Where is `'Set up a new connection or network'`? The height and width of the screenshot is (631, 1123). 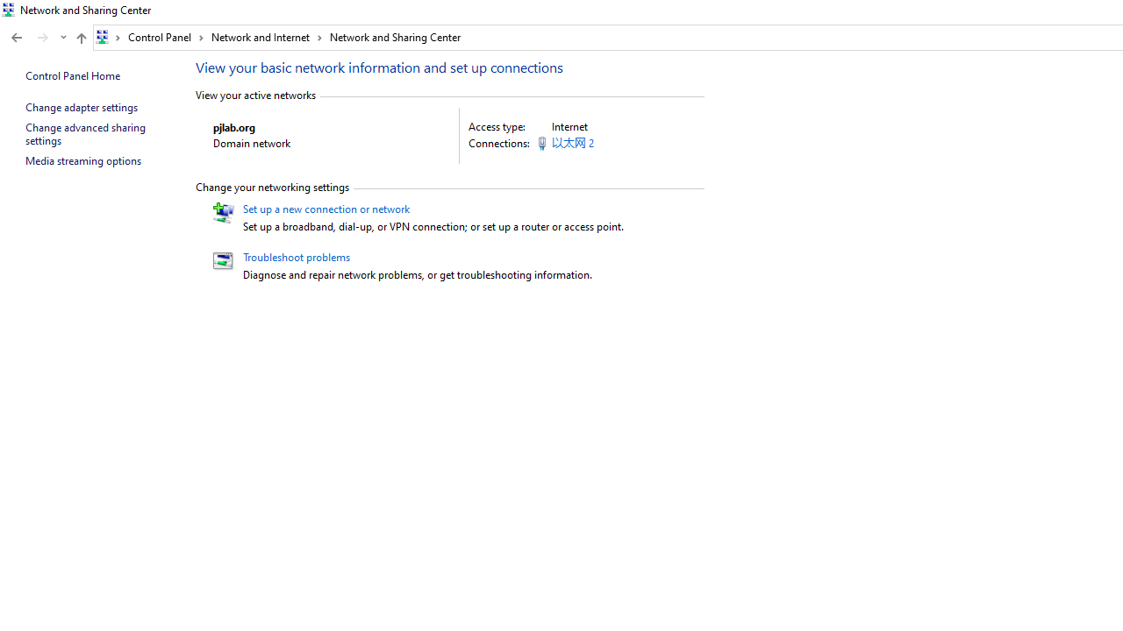
'Set up a new connection or network' is located at coordinates (325, 208).